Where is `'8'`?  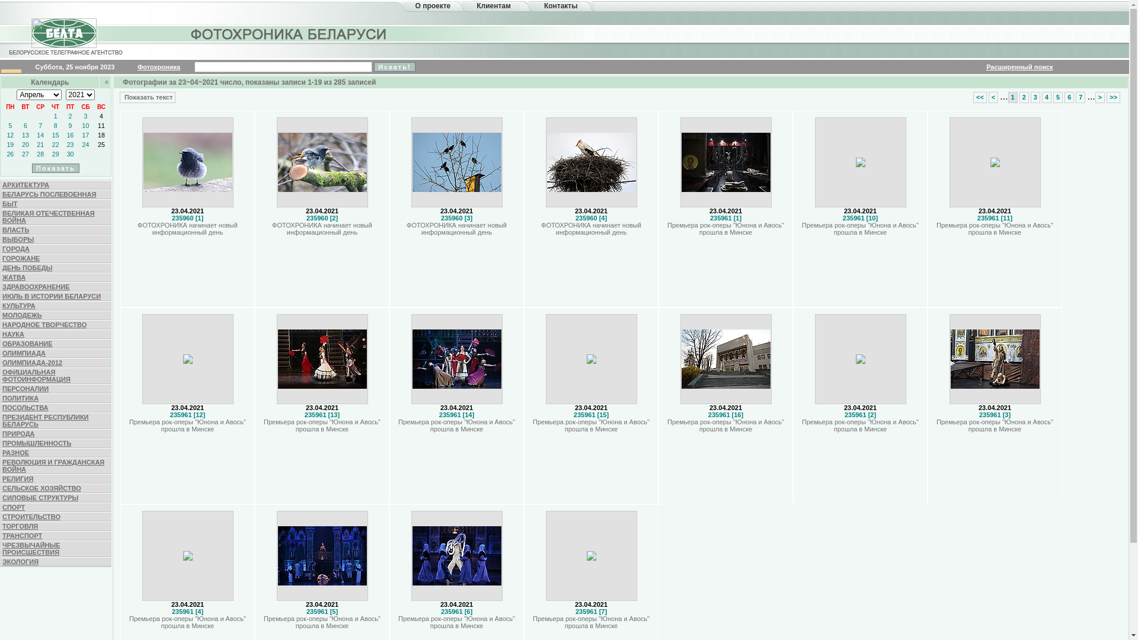 '8' is located at coordinates (55, 126).